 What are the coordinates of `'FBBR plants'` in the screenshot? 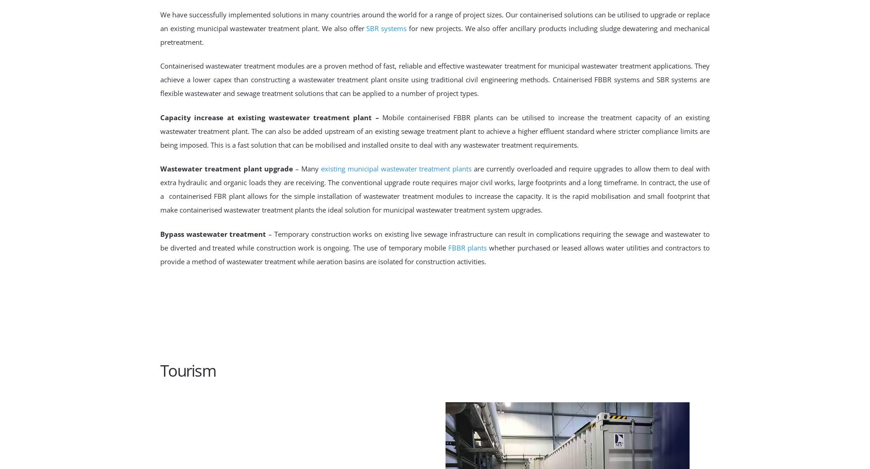 It's located at (448, 247).